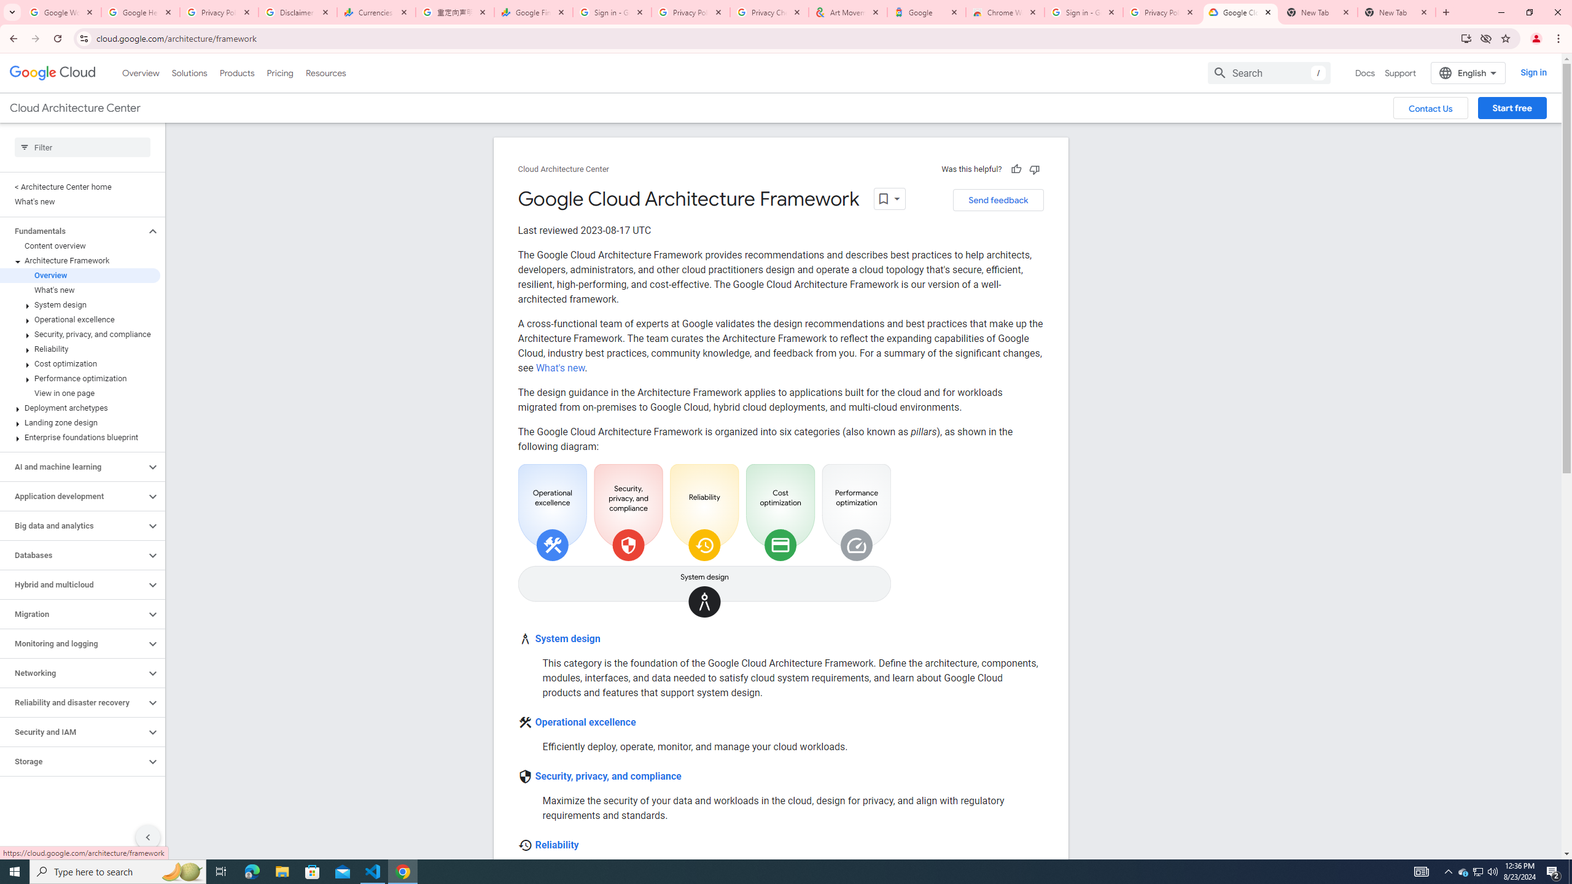 This screenshot has height=884, width=1572. What do you see at coordinates (1005, 12) in the screenshot?
I see `'Chrome Web Store - Color themes by Chrome'` at bounding box center [1005, 12].